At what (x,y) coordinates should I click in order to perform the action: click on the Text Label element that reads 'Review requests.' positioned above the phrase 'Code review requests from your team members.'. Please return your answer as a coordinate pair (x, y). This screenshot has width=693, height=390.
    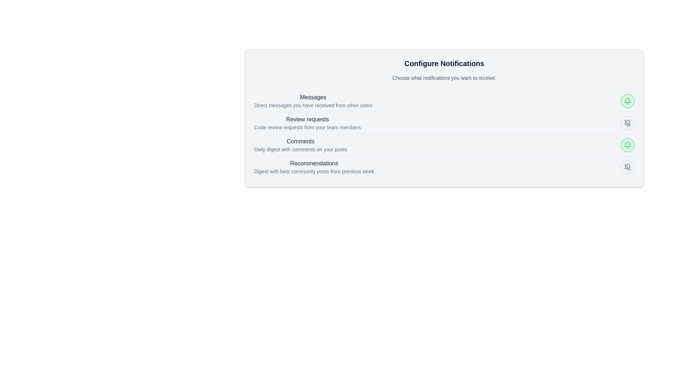
    Looking at the image, I should click on (307, 119).